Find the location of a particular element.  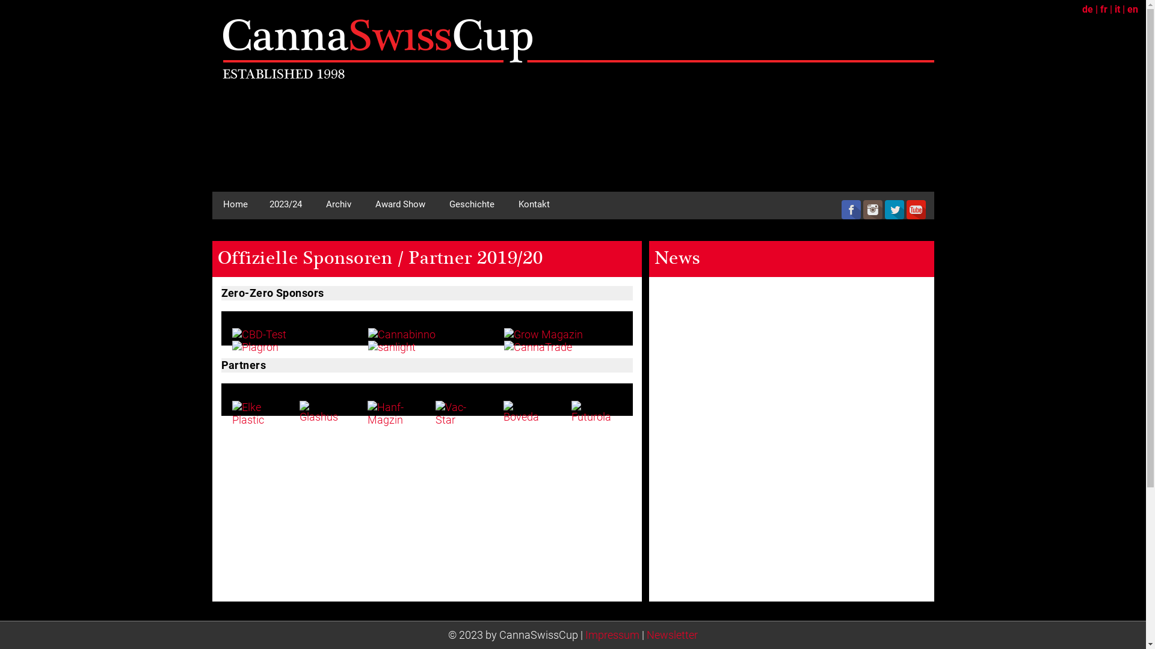

'Cannabinno' is located at coordinates (367, 334).